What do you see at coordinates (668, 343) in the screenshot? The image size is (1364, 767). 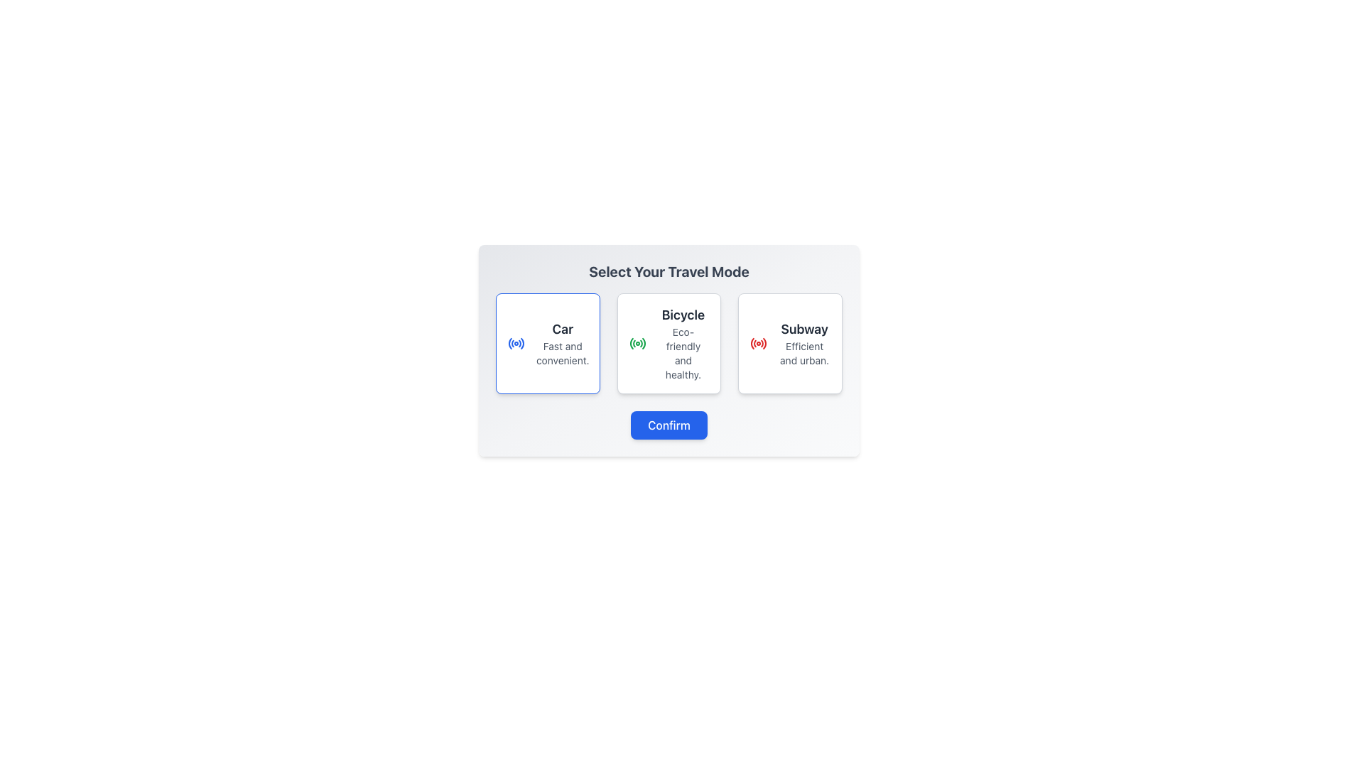 I see `the content of the horizontal grid layout containing the travel mode options: 'Car', 'Bicycle', and 'Subway', which is positioned below the 'Select Your Travel Mode' title and above the 'Confirm' button` at bounding box center [668, 343].